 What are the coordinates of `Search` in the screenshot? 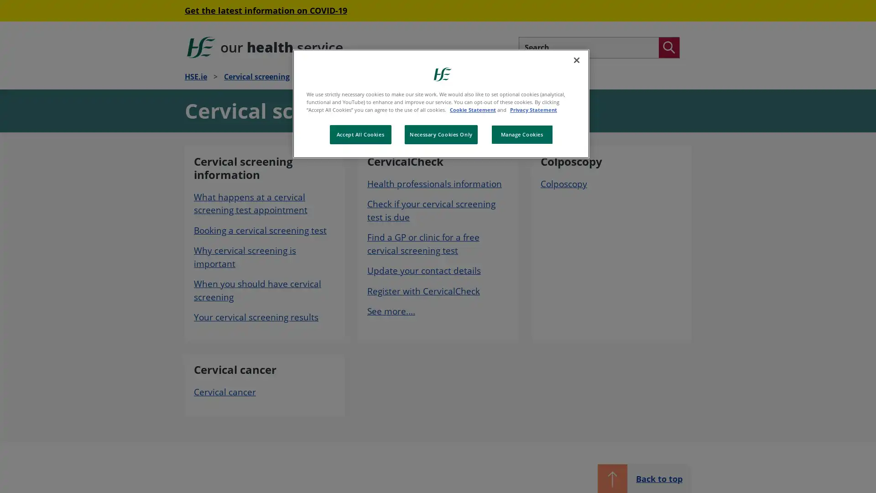 It's located at (669, 47).